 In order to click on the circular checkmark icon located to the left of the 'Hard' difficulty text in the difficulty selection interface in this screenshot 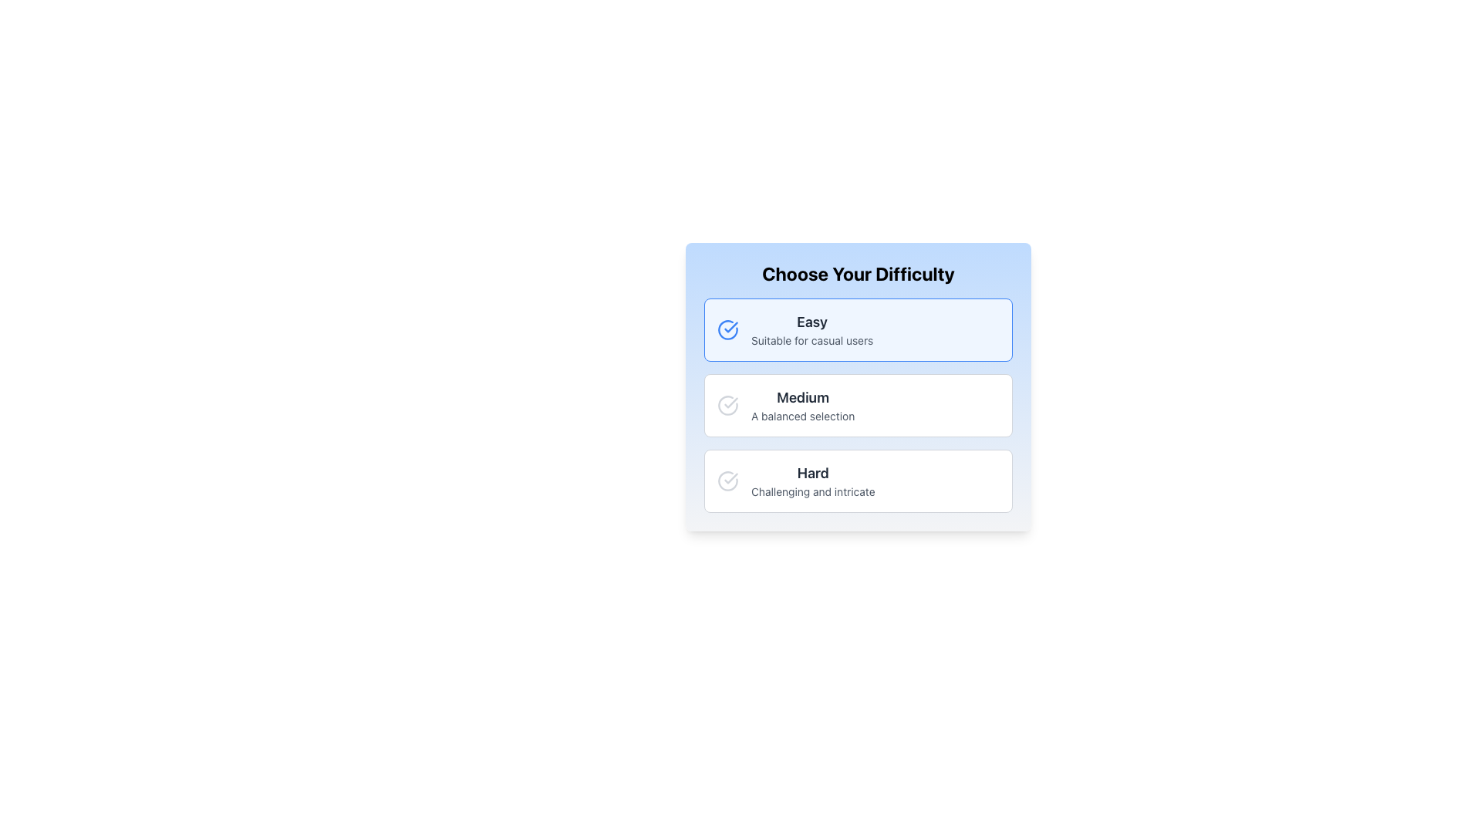, I will do `click(727, 481)`.